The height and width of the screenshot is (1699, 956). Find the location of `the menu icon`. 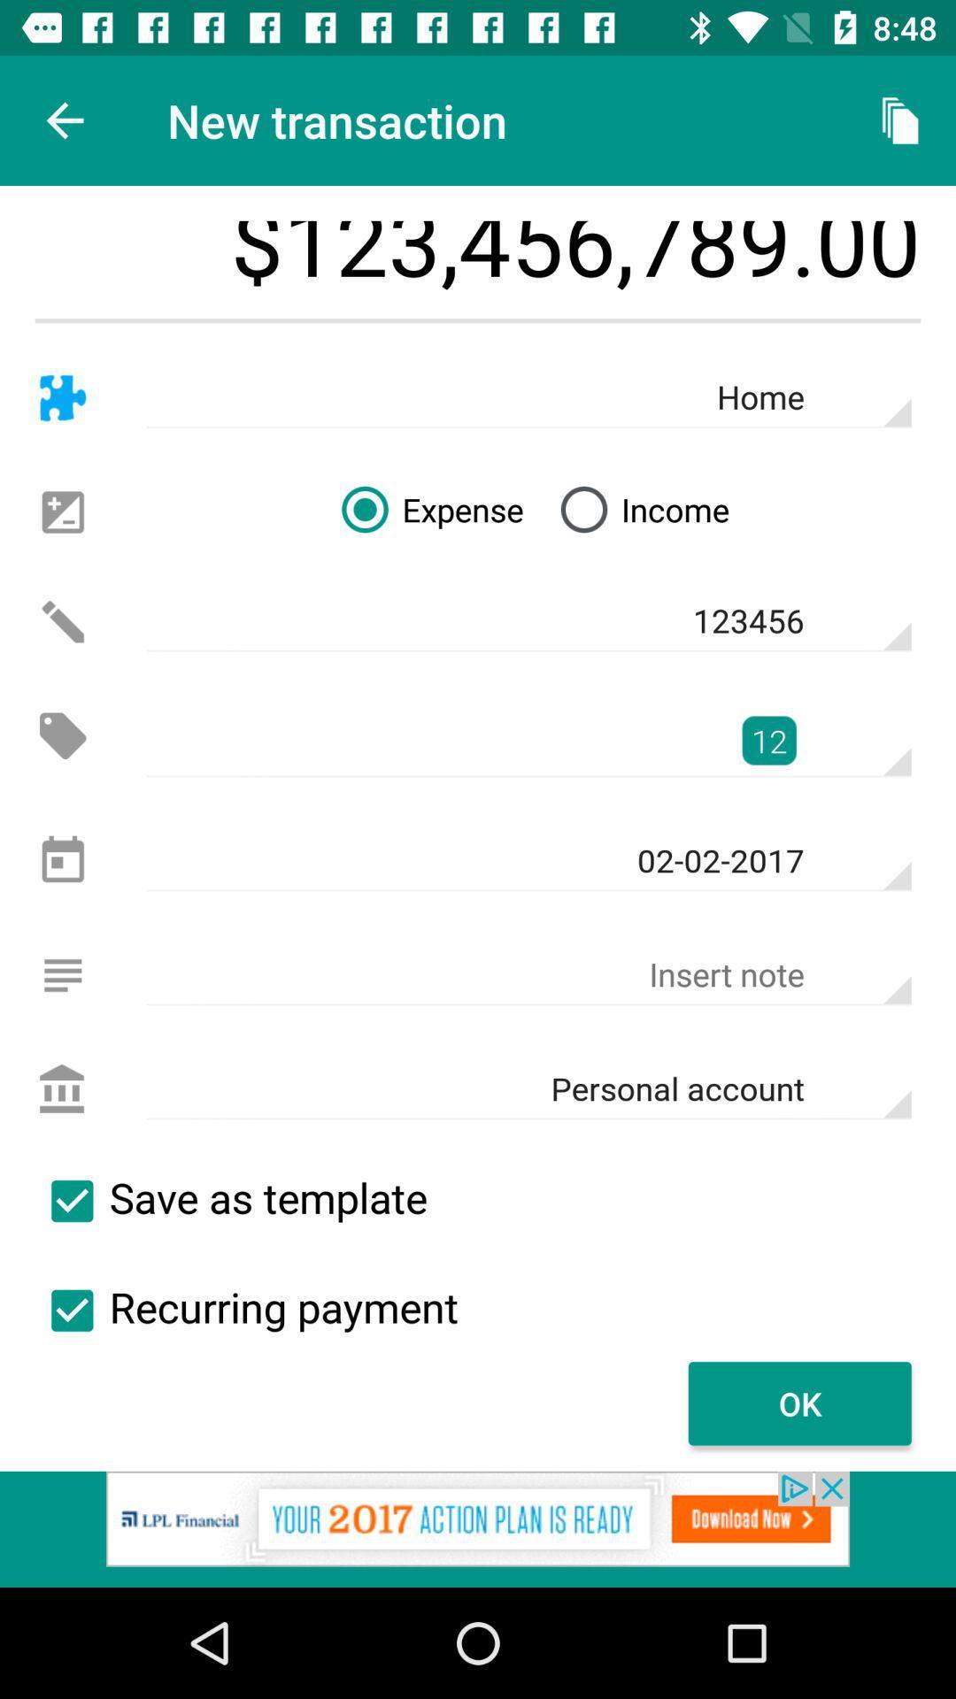

the menu icon is located at coordinates (62, 974).